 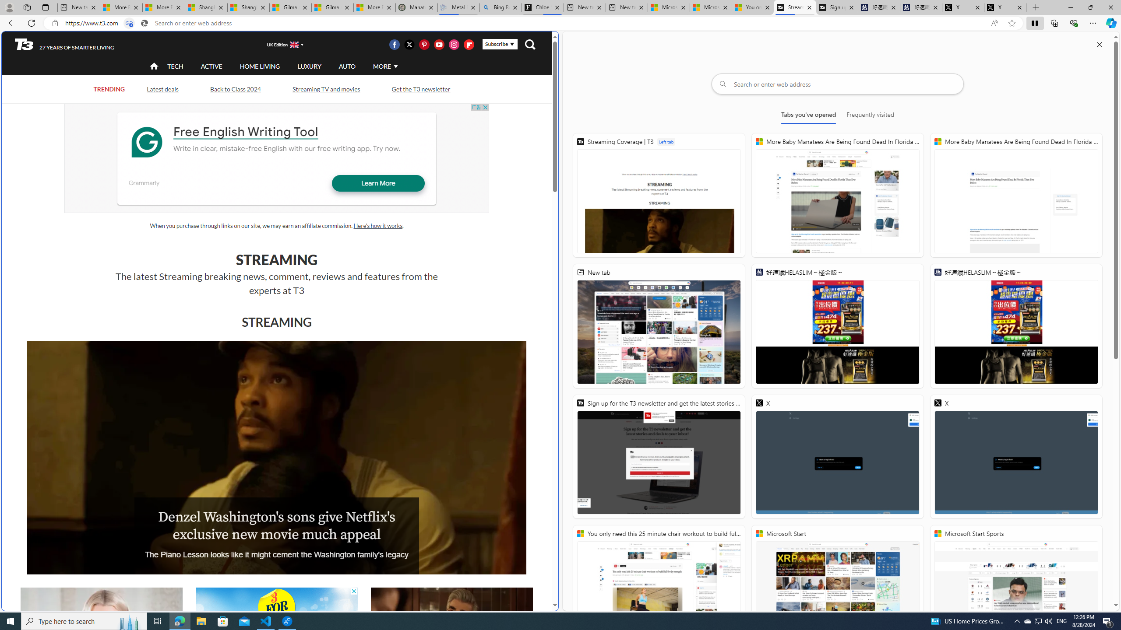 I want to click on 'T3', so click(x=24, y=43).